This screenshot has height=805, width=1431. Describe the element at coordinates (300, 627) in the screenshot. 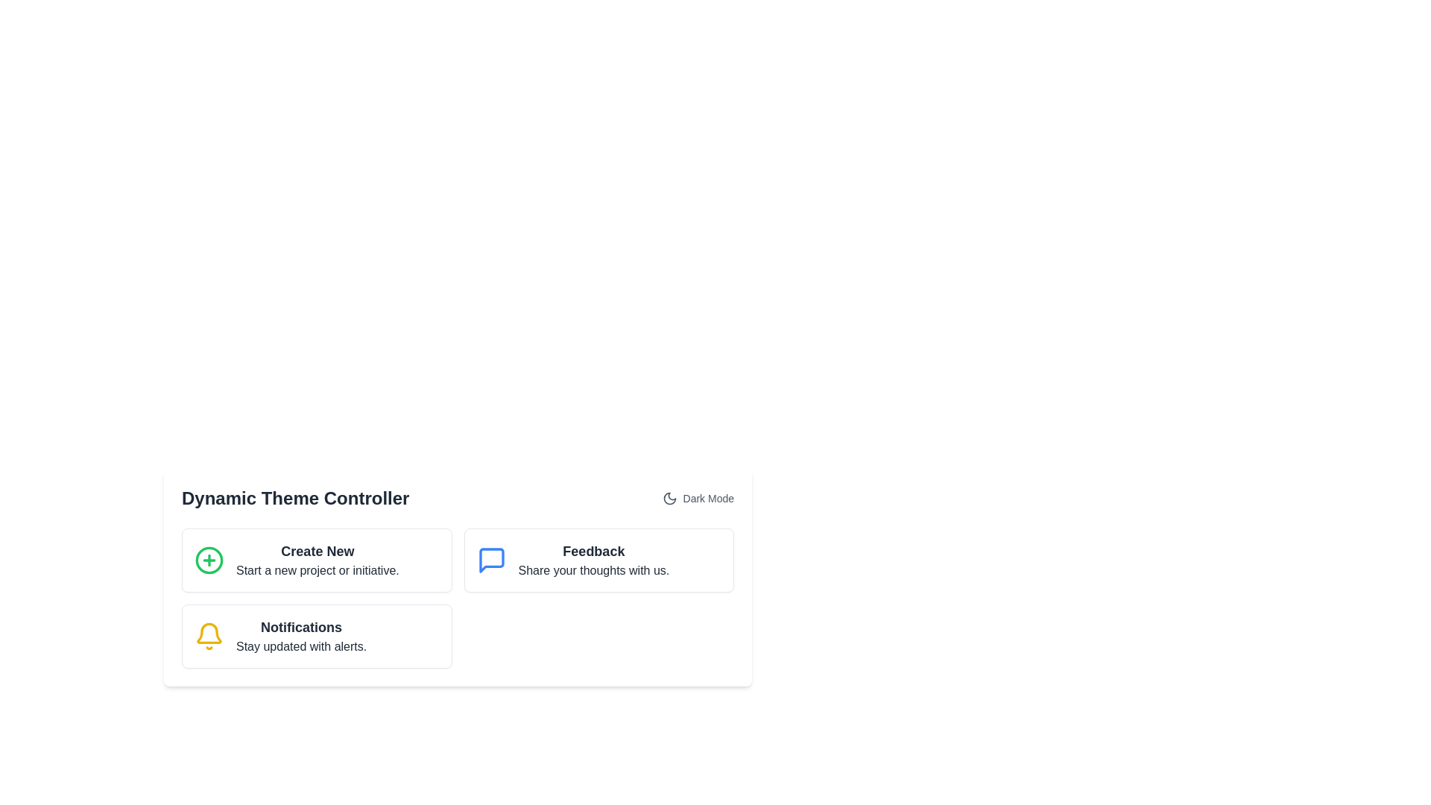

I see `text content of the title label located at the top of the third card in the grid layout, which introduces the card's content` at that location.